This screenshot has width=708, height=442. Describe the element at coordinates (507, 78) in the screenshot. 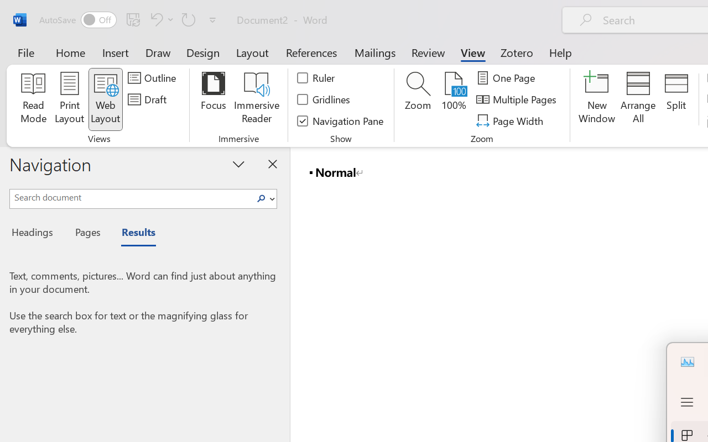

I see `'One Page'` at that location.